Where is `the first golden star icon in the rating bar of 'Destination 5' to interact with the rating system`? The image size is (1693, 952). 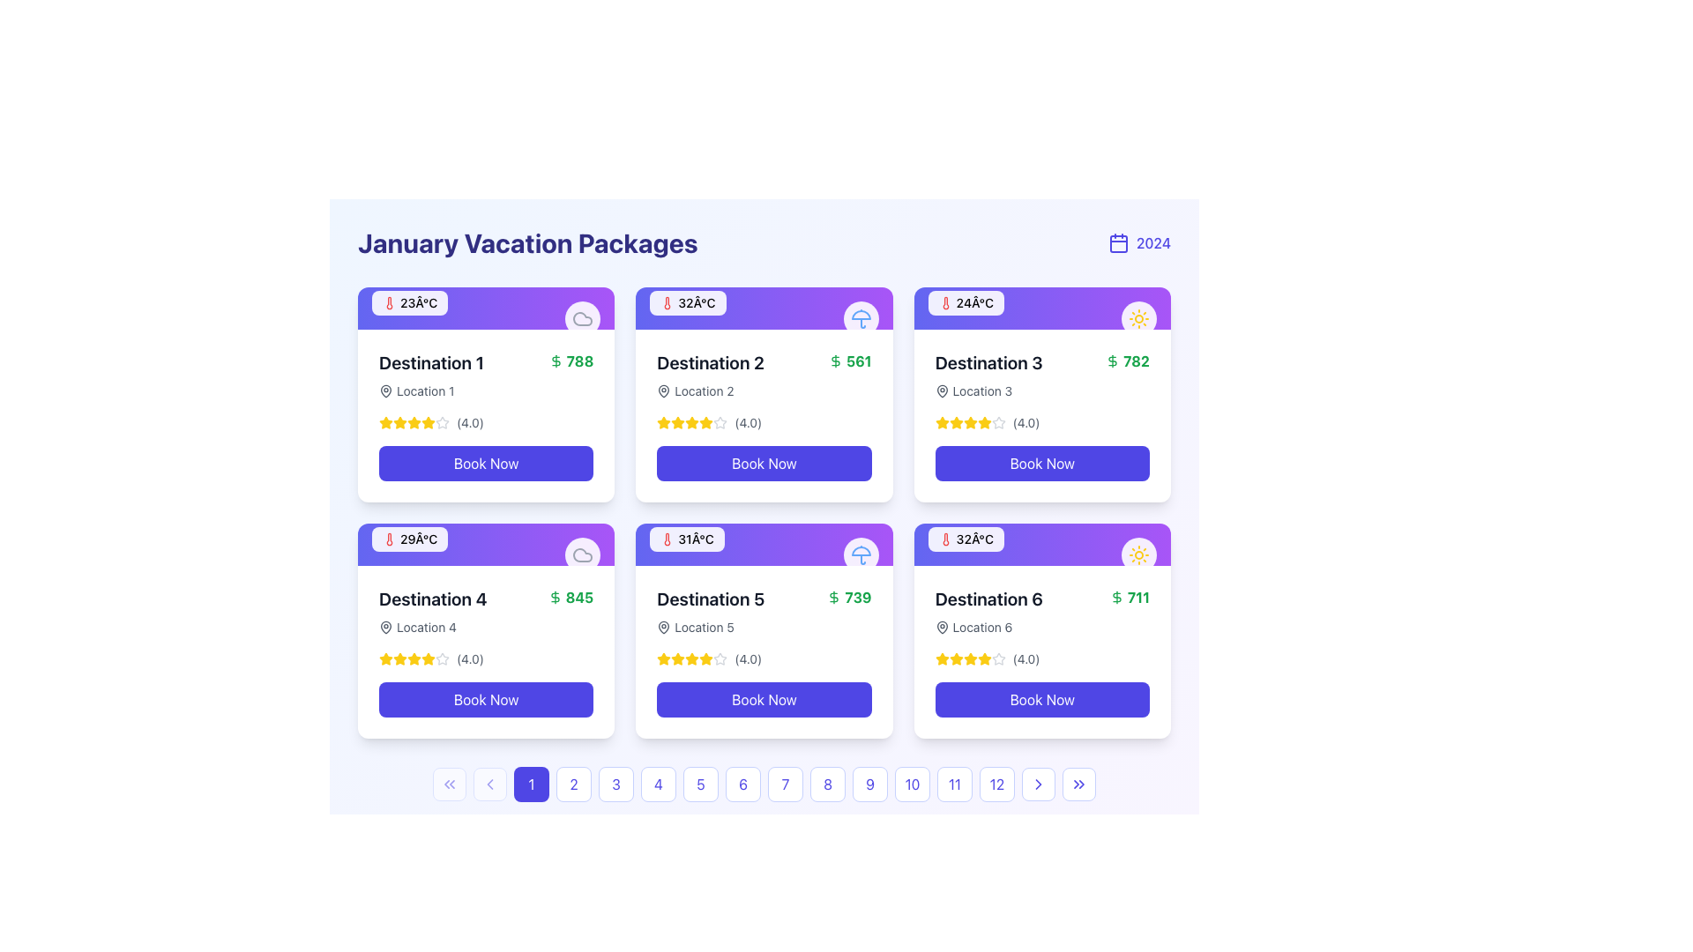 the first golden star icon in the rating bar of 'Destination 5' to interact with the rating system is located at coordinates (677, 658).